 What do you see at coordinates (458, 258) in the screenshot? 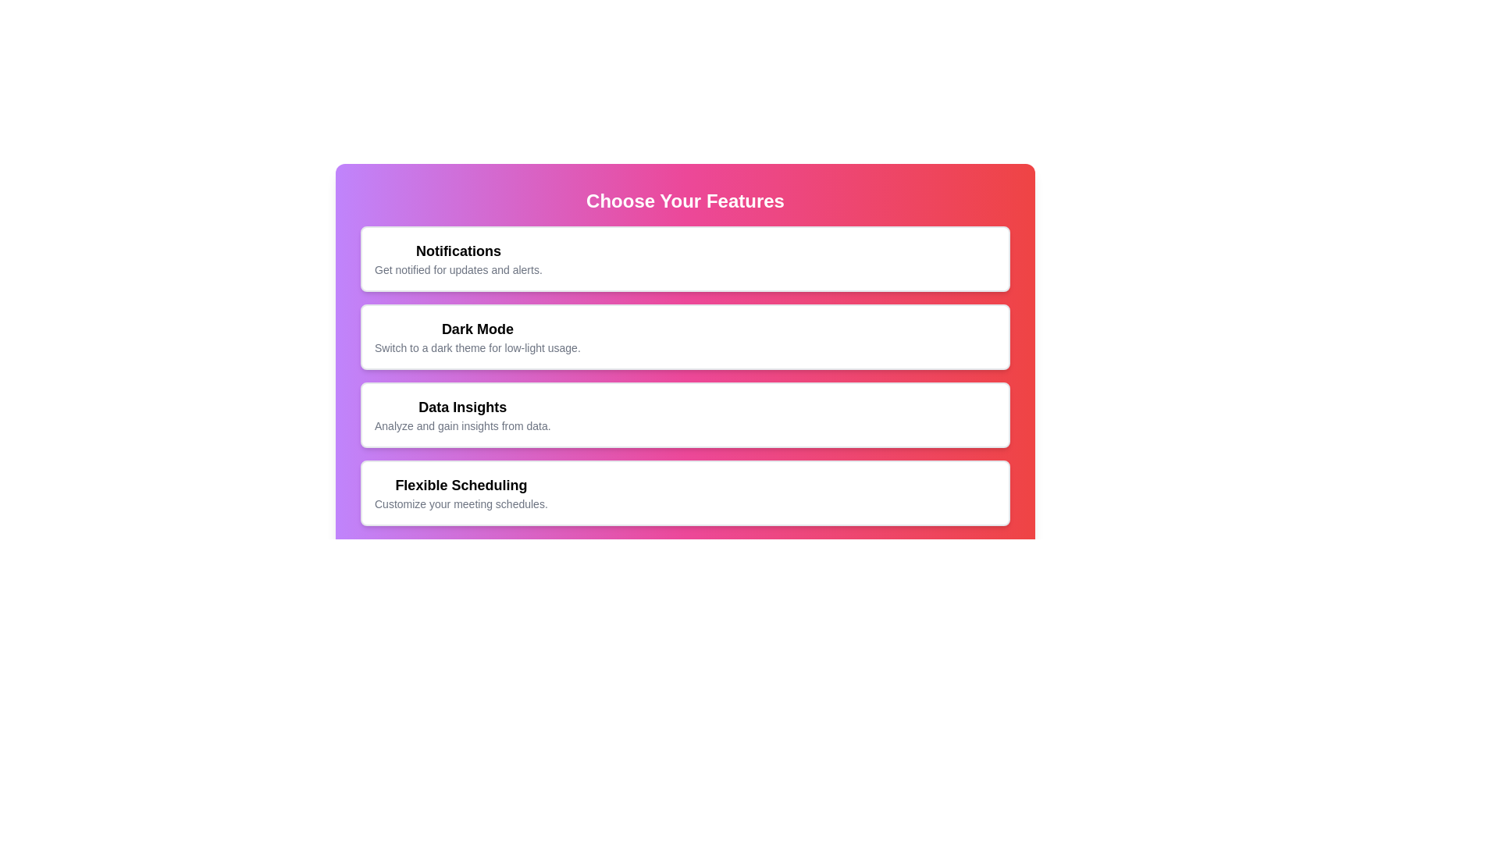
I see `the 'Notifications' text description block, which is the first option in a vertically-aligned list of feature options, to interact with it` at bounding box center [458, 258].